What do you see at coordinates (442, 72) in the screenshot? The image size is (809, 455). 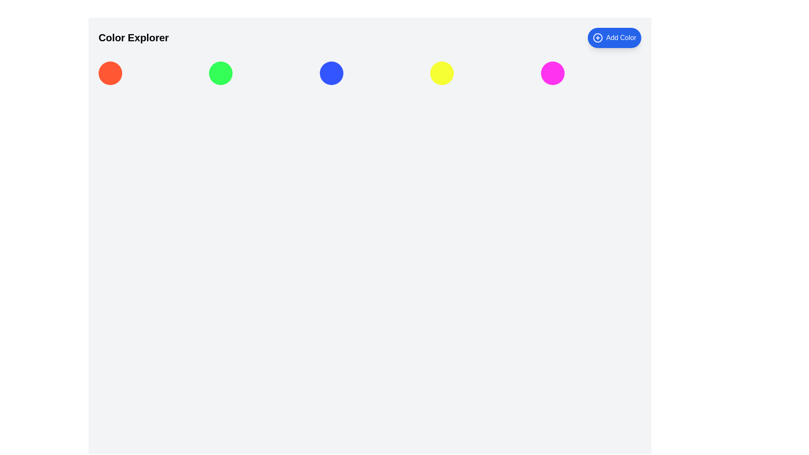 I see `the fourth circular color selection element` at bounding box center [442, 72].